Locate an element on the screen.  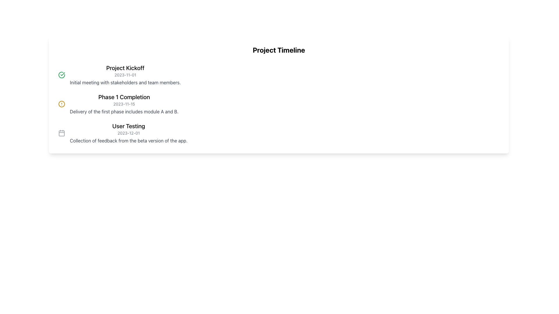
the text label that serves as a section title in the project timeline, positioned above the date '2023-12-01' and below 'Phase 1 Completion' is located at coordinates (128, 126).